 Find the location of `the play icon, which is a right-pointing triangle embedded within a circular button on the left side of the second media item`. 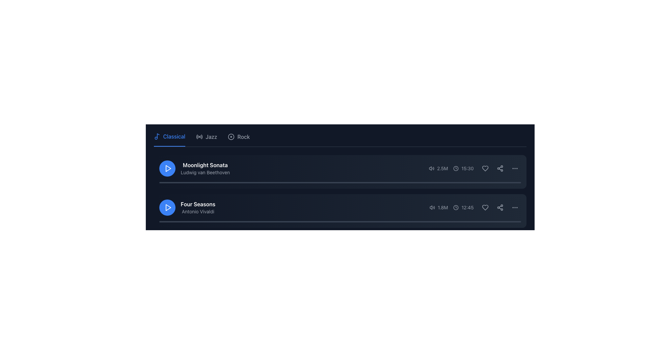

the play icon, which is a right-pointing triangle embedded within a circular button on the left side of the second media item is located at coordinates (168, 168).